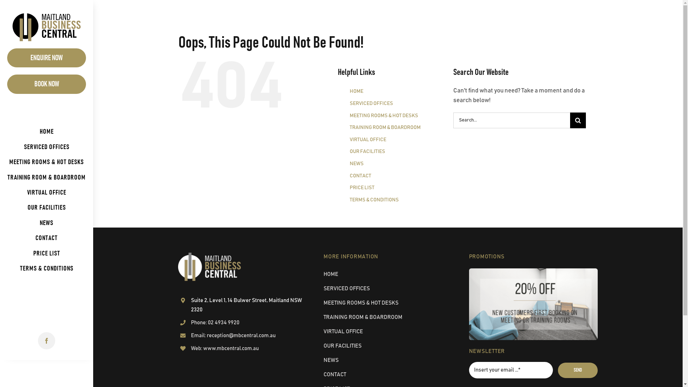  I want to click on 'ENQUIRE NOW', so click(7, 57).